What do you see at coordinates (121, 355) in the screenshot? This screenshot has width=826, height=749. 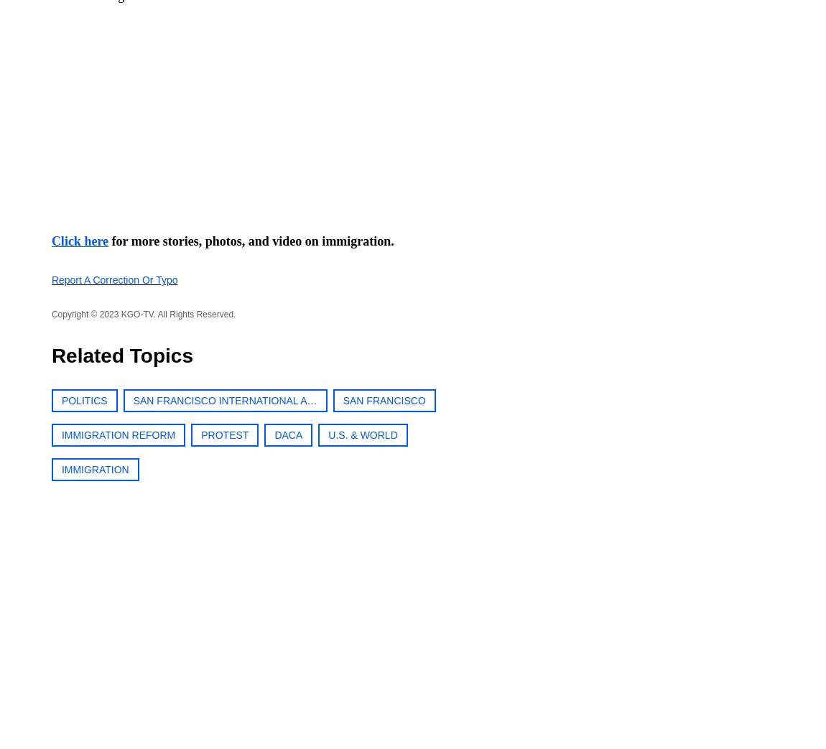 I see `'Related Topics'` at bounding box center [121, 355].